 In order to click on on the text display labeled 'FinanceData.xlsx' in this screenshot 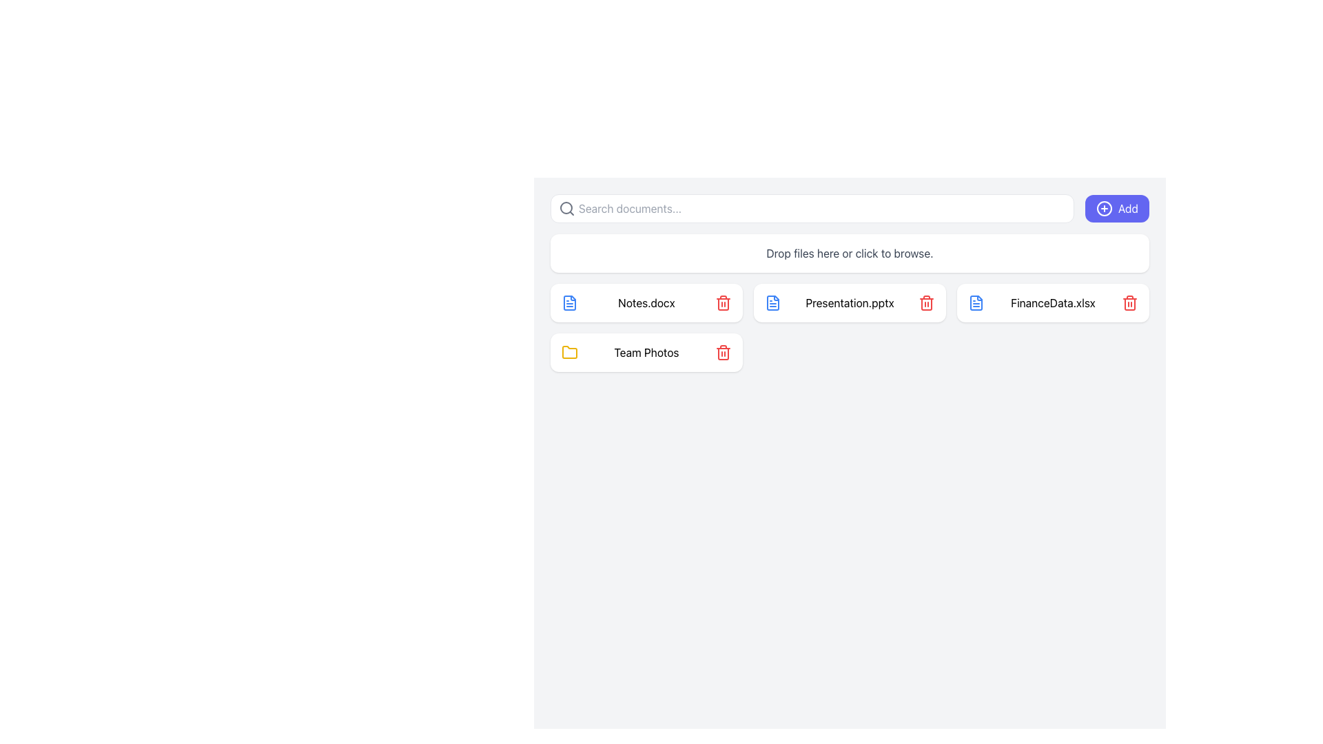, I will do `click(1052, 302)`.